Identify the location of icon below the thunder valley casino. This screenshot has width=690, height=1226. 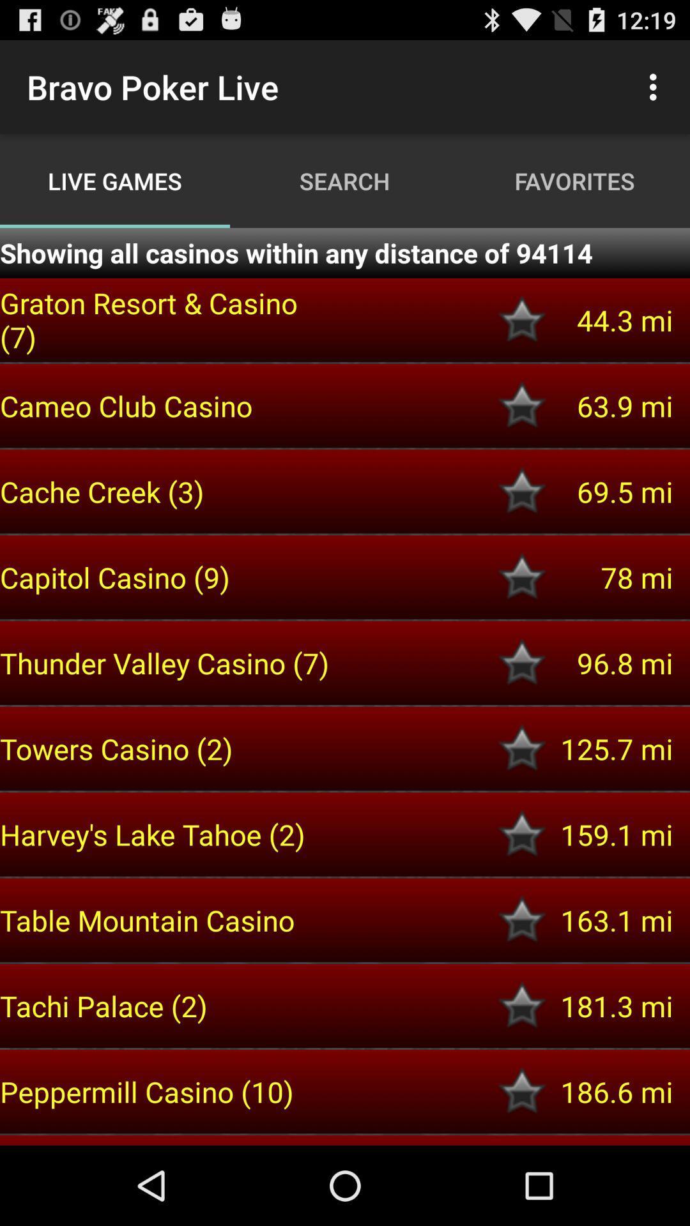
(167, 748).